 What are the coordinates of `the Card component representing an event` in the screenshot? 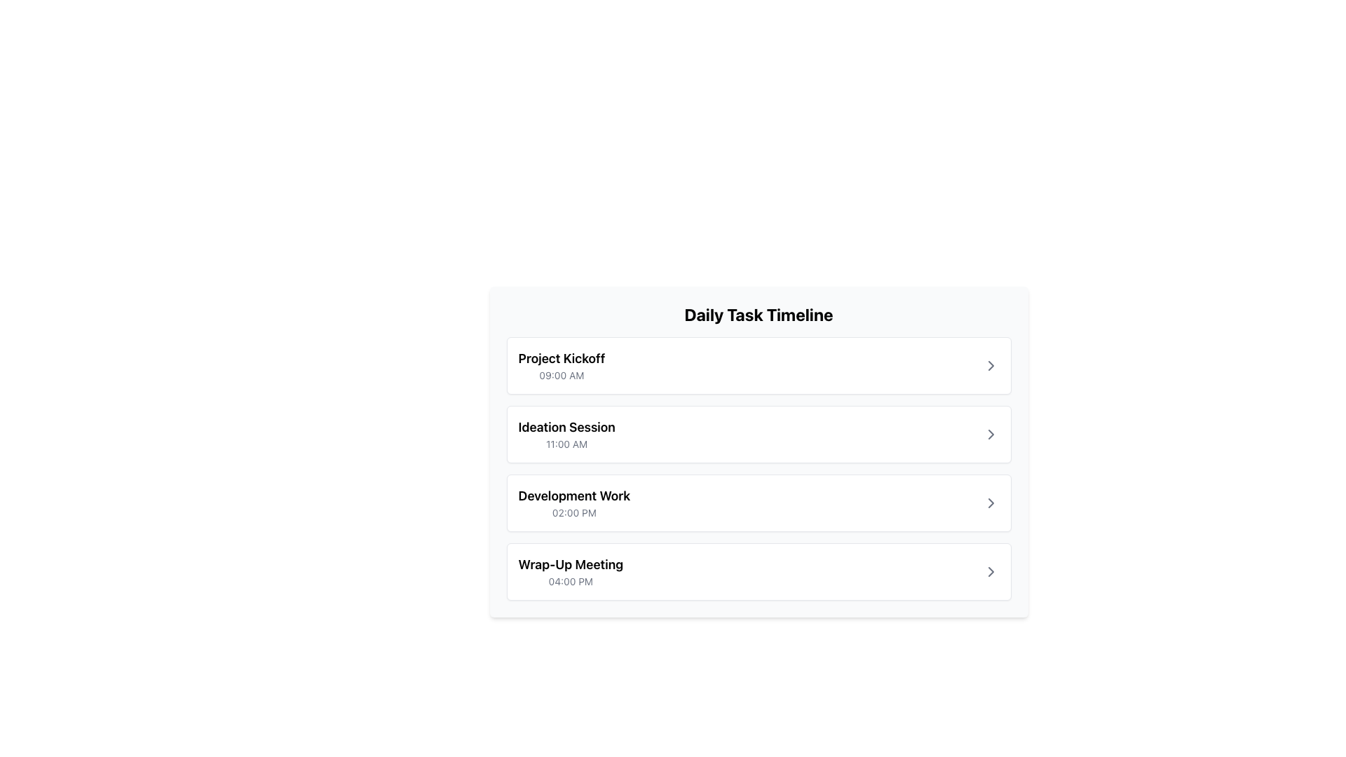 It's located at (758, 451).